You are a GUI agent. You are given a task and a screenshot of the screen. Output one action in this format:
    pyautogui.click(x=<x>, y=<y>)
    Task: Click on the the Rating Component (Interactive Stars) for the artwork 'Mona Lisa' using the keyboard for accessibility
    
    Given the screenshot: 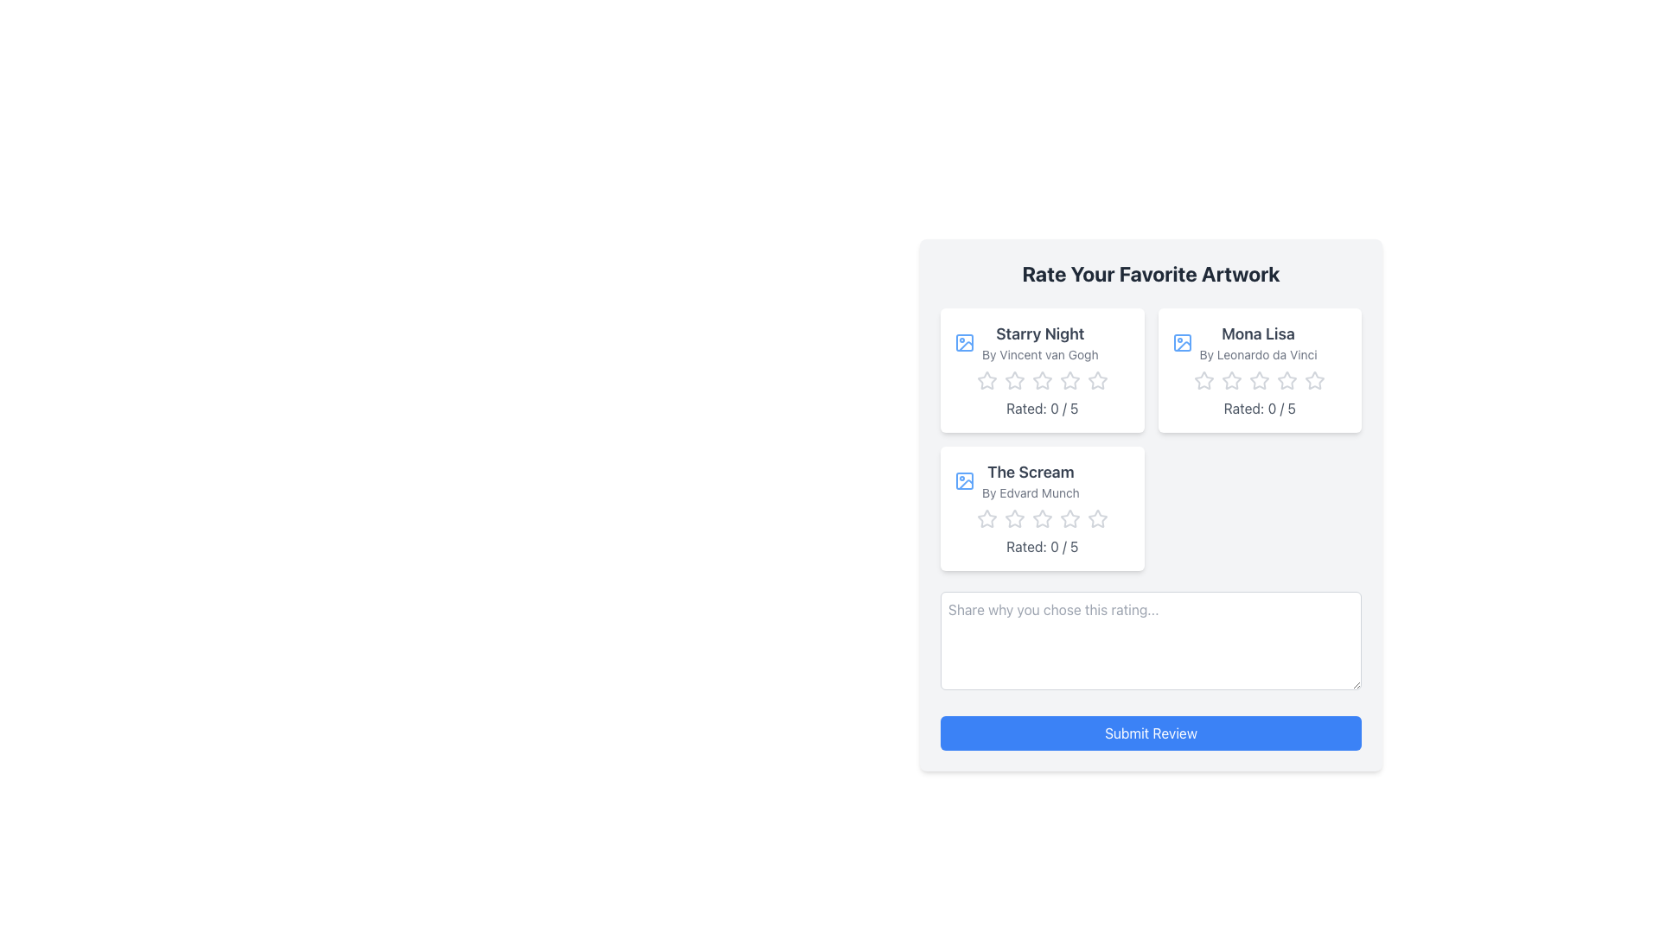 What is the action you would take?
    pyautogui.click(x=1260, y=379)
    